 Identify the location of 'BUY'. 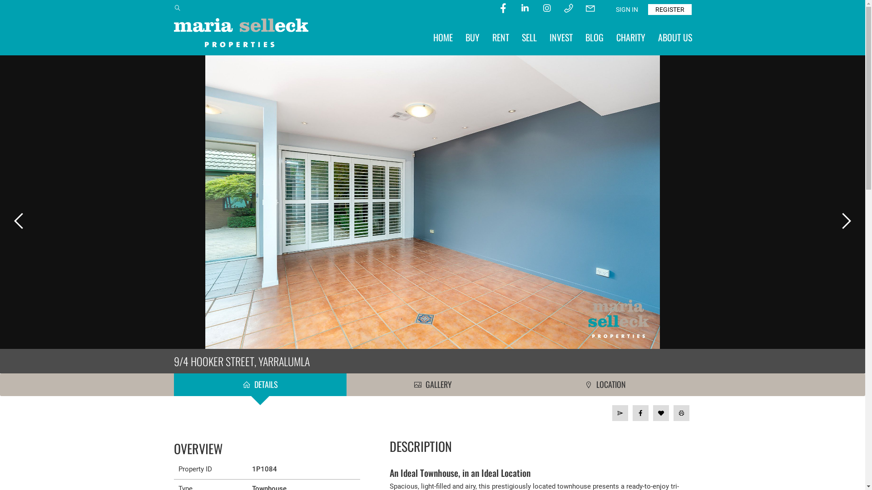
(472, 36).